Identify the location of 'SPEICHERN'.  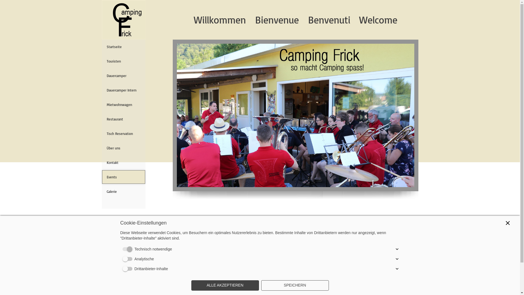
(294, 285).